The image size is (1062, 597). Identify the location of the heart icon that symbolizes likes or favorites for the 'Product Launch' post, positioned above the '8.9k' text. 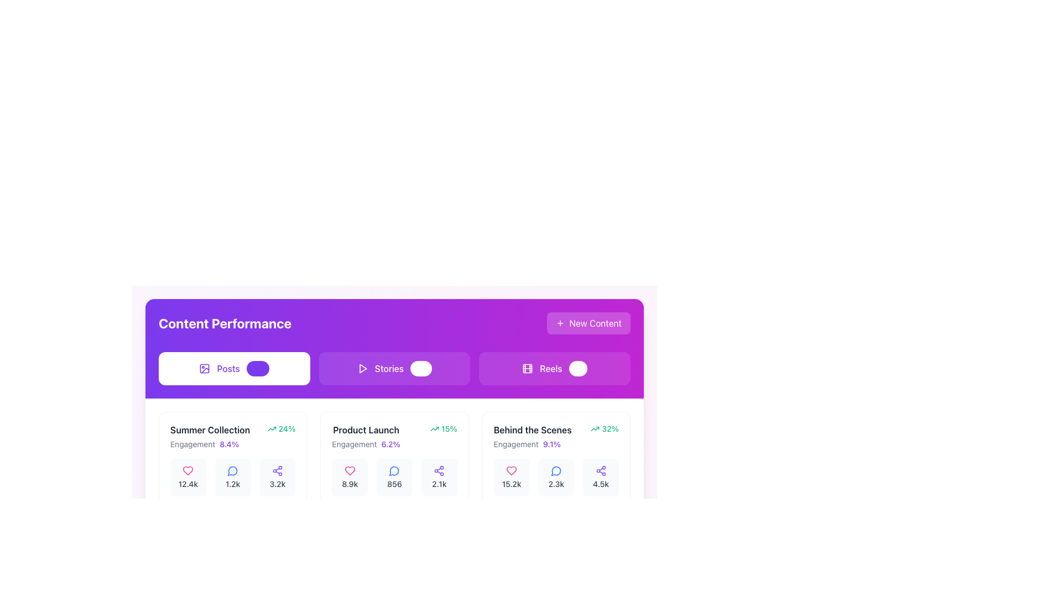
(349, 471).